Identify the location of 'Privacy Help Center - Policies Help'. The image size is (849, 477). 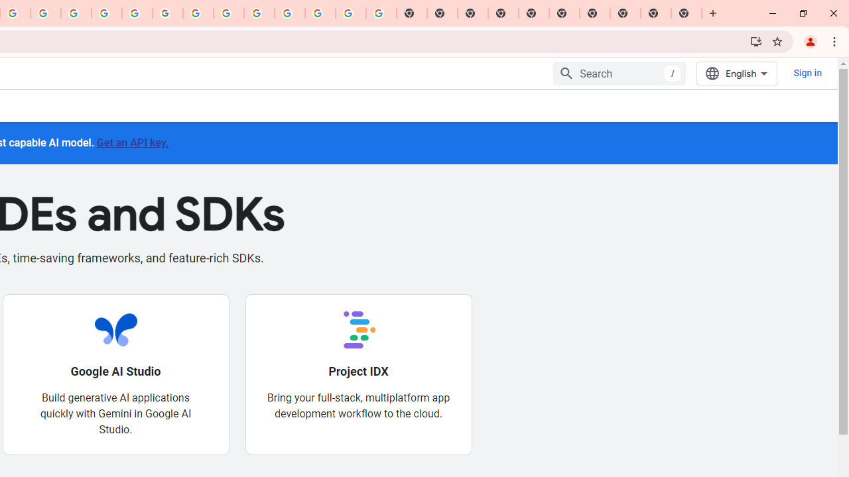
(76, 13).